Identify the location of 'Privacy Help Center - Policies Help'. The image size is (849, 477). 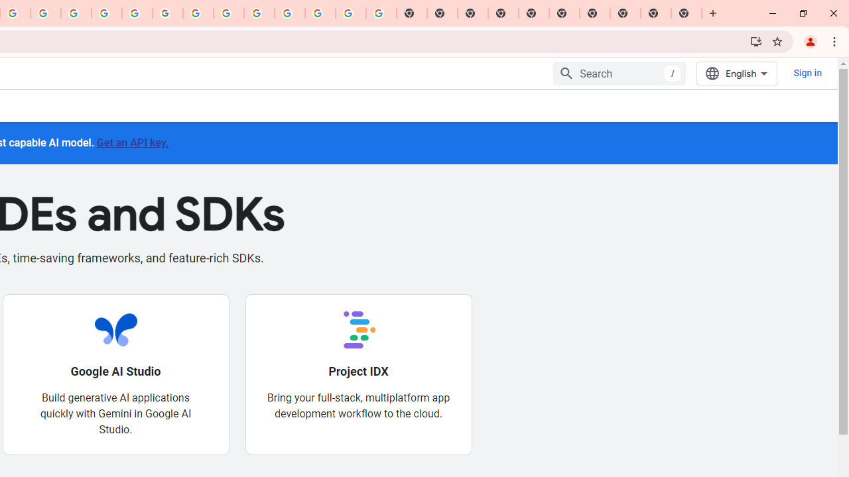
(76, 13).